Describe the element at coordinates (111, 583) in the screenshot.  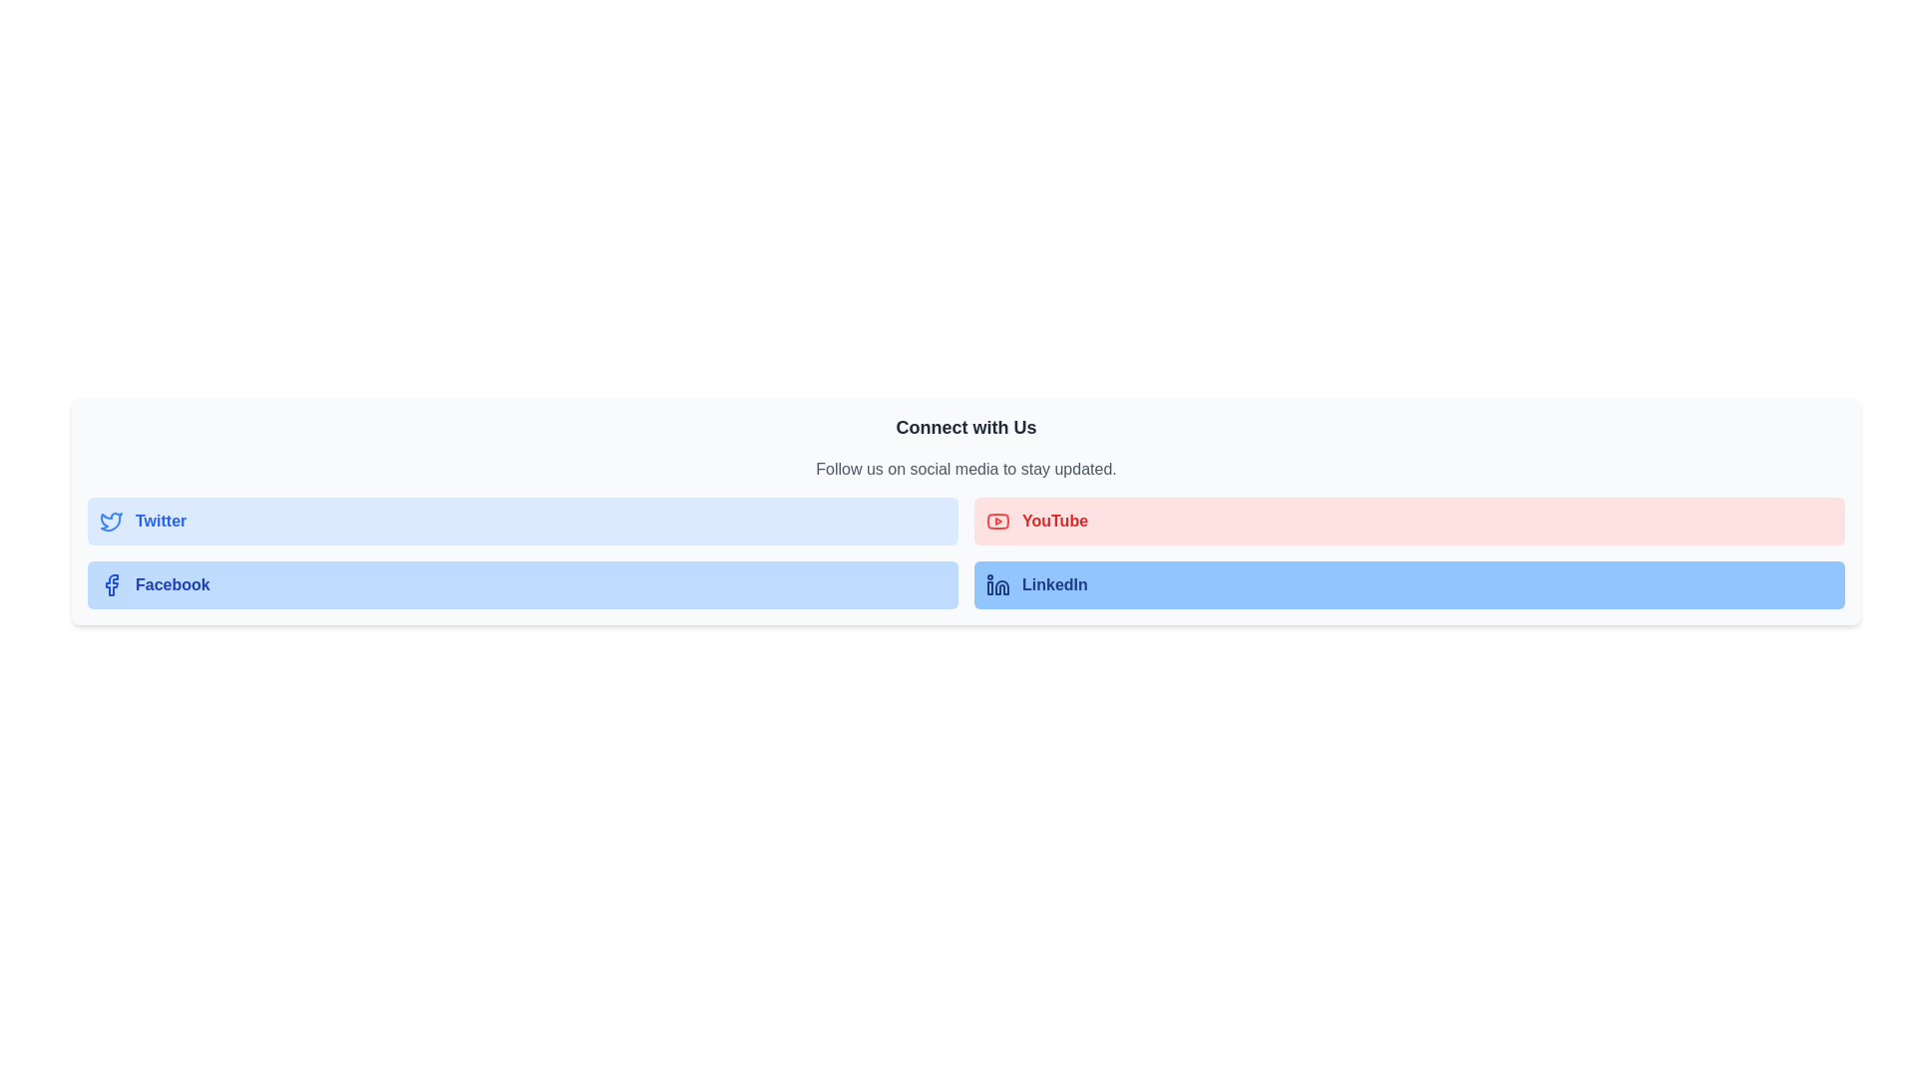
I see `the Facebook logo icon located in the bottom left section of the interface to follow the associated action` at that location.